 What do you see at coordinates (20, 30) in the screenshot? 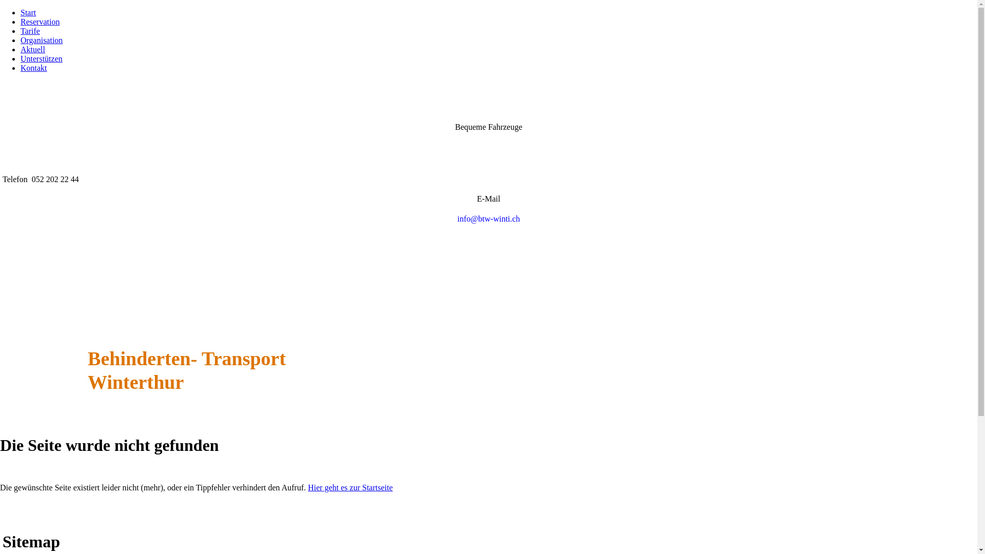
I see `'Tarife'` at bounding box center [20, 30].